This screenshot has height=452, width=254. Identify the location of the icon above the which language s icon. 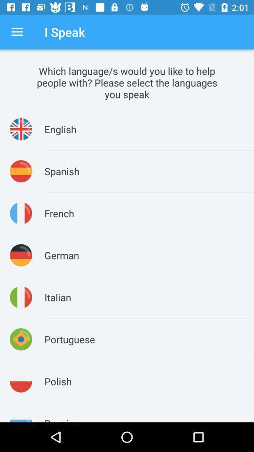
(17, 32).